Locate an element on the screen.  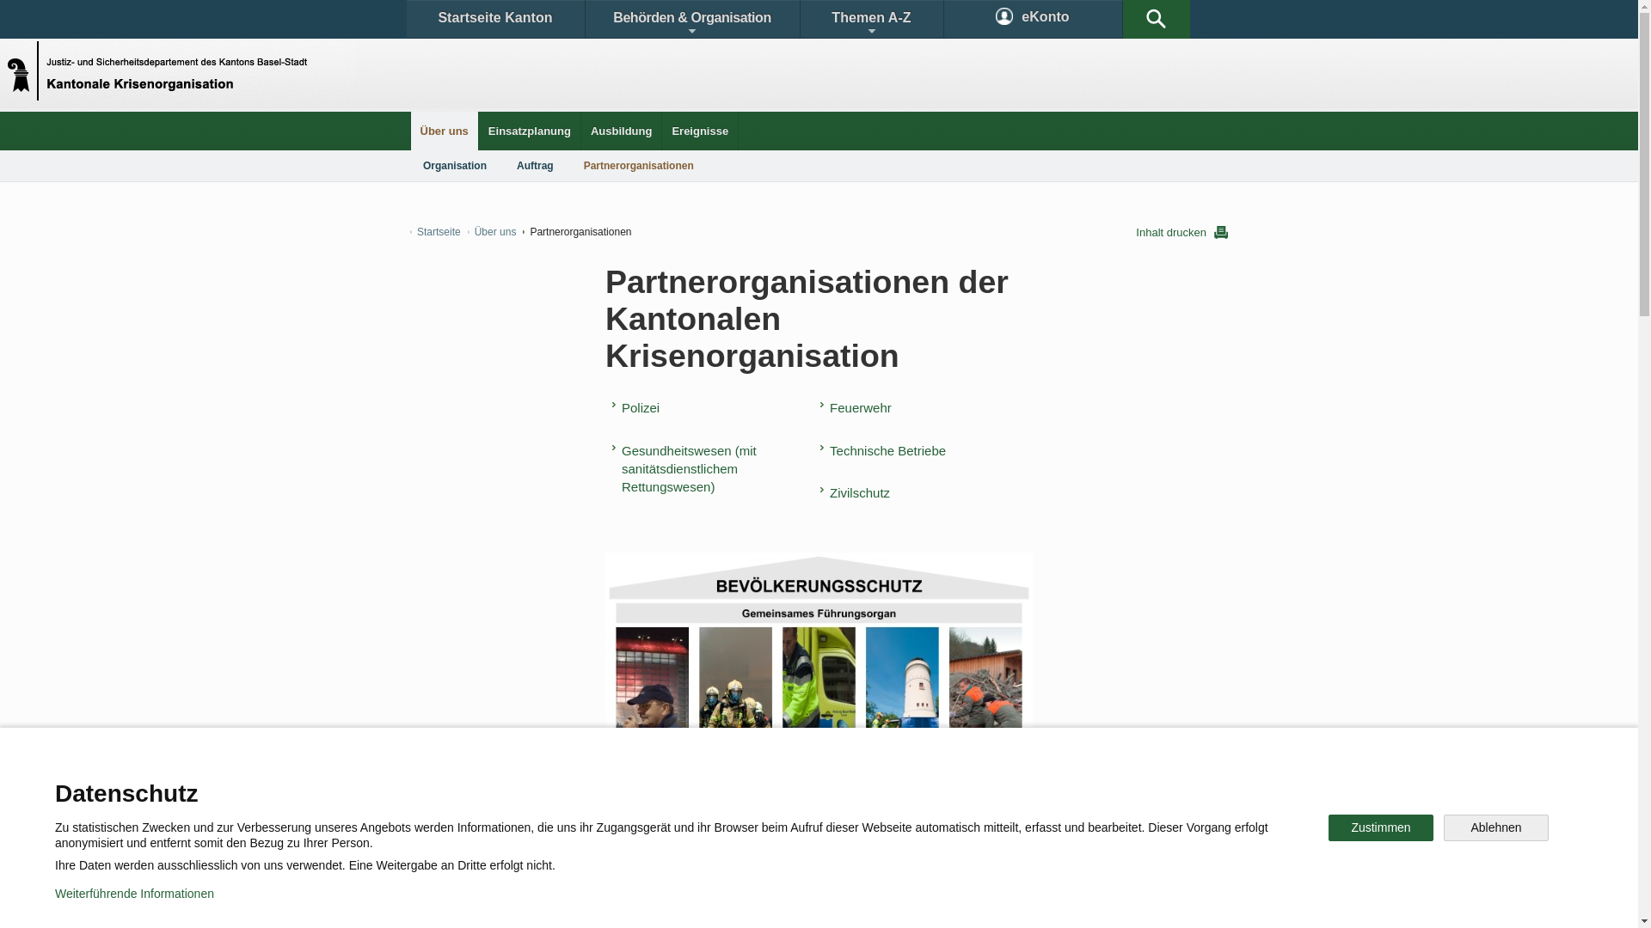
'Startseite Kanton' is located at coordinates (494, 19).